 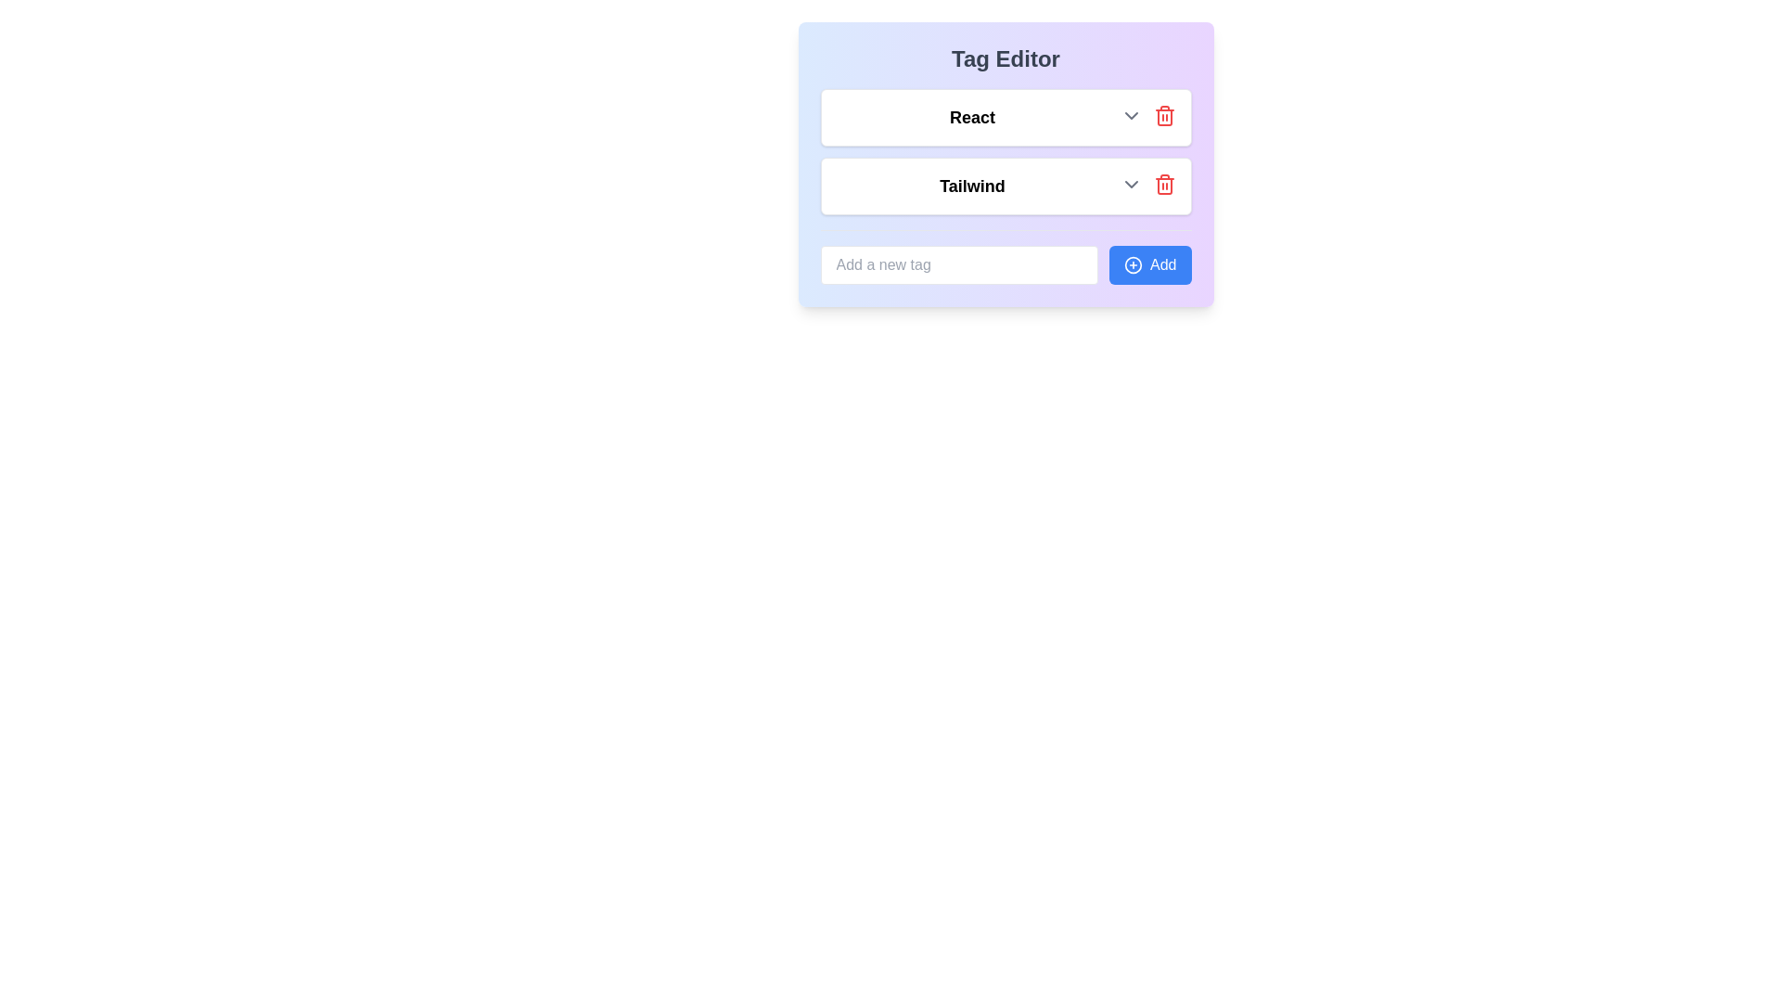 What do you see at coordinates (971, 186) in the screenshot?
I see `the Text label that identifies the tag 'Tailwind', which is the second tag item in the vertical list of the Tag Editor interface` at bounding box center [971, 186].